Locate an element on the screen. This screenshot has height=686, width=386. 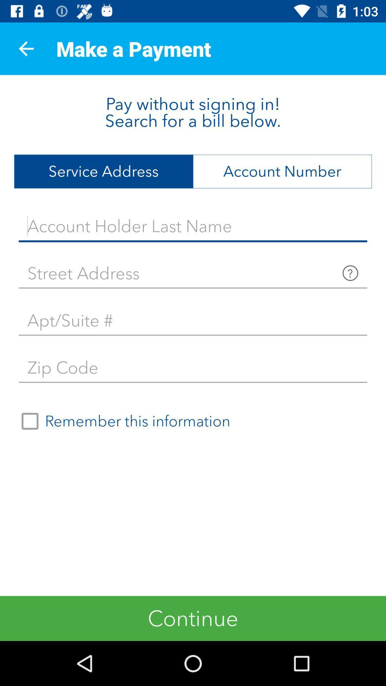
app next to make a payment is located at coordinates (26, 48).